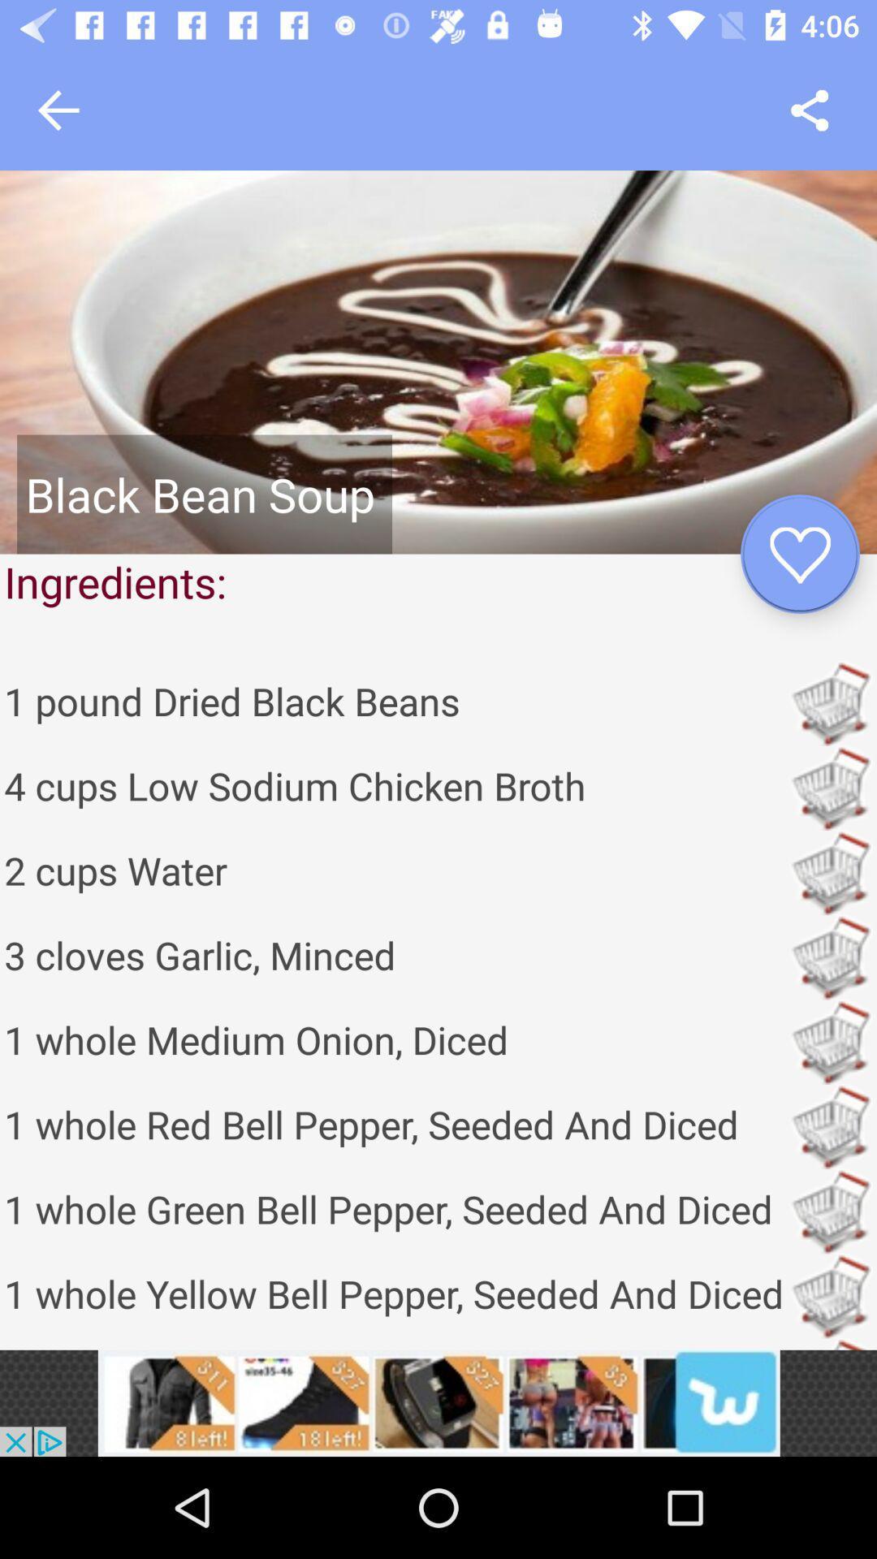 This screenshot has height=1559, width=877. What do you see at coordinates (438, 1402) in the screenshot?
I see `advertisement` at bounding box center [438, 1402].